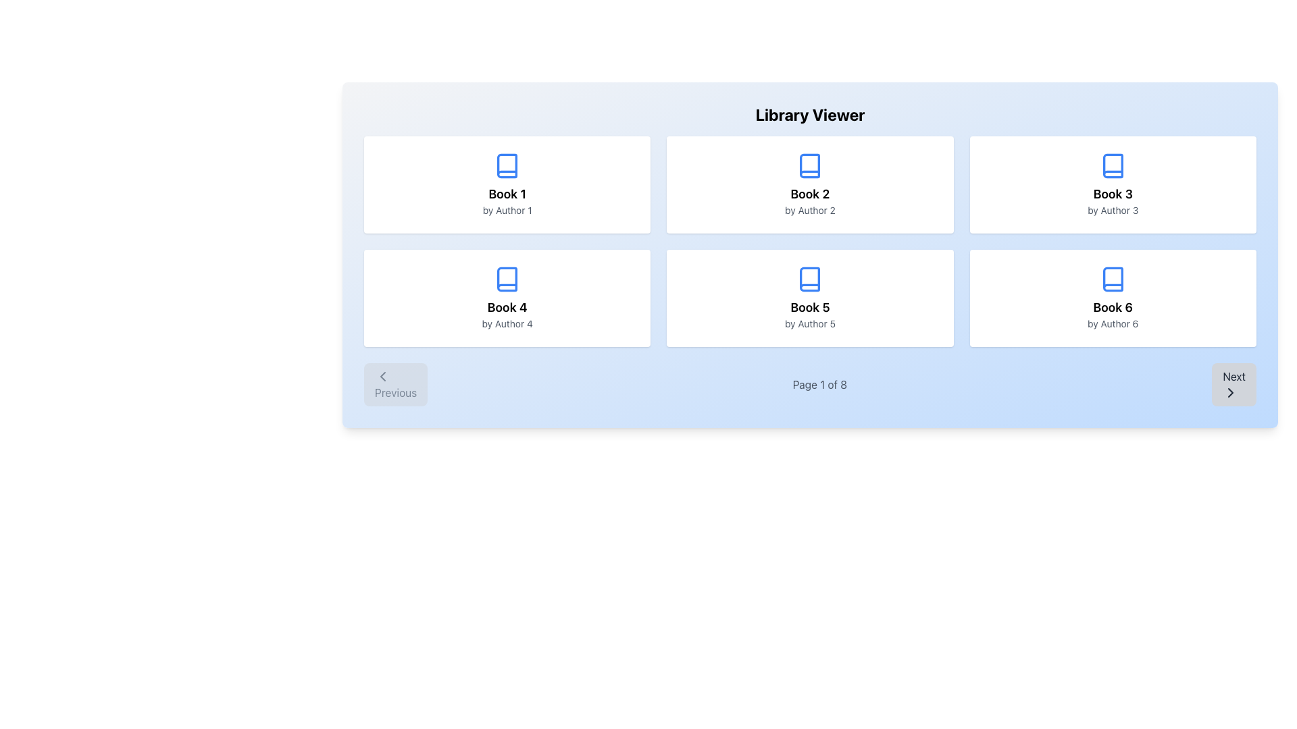 This screenshot has height=729, width=1297. What do you see at coordinates (507, 211) in the screenshot?
I see `the text label displaying 'by Author 1' located beneath the 'Book 1' title in the first card of the 'Library Viewer' grid` at bounding box center [507, 211].